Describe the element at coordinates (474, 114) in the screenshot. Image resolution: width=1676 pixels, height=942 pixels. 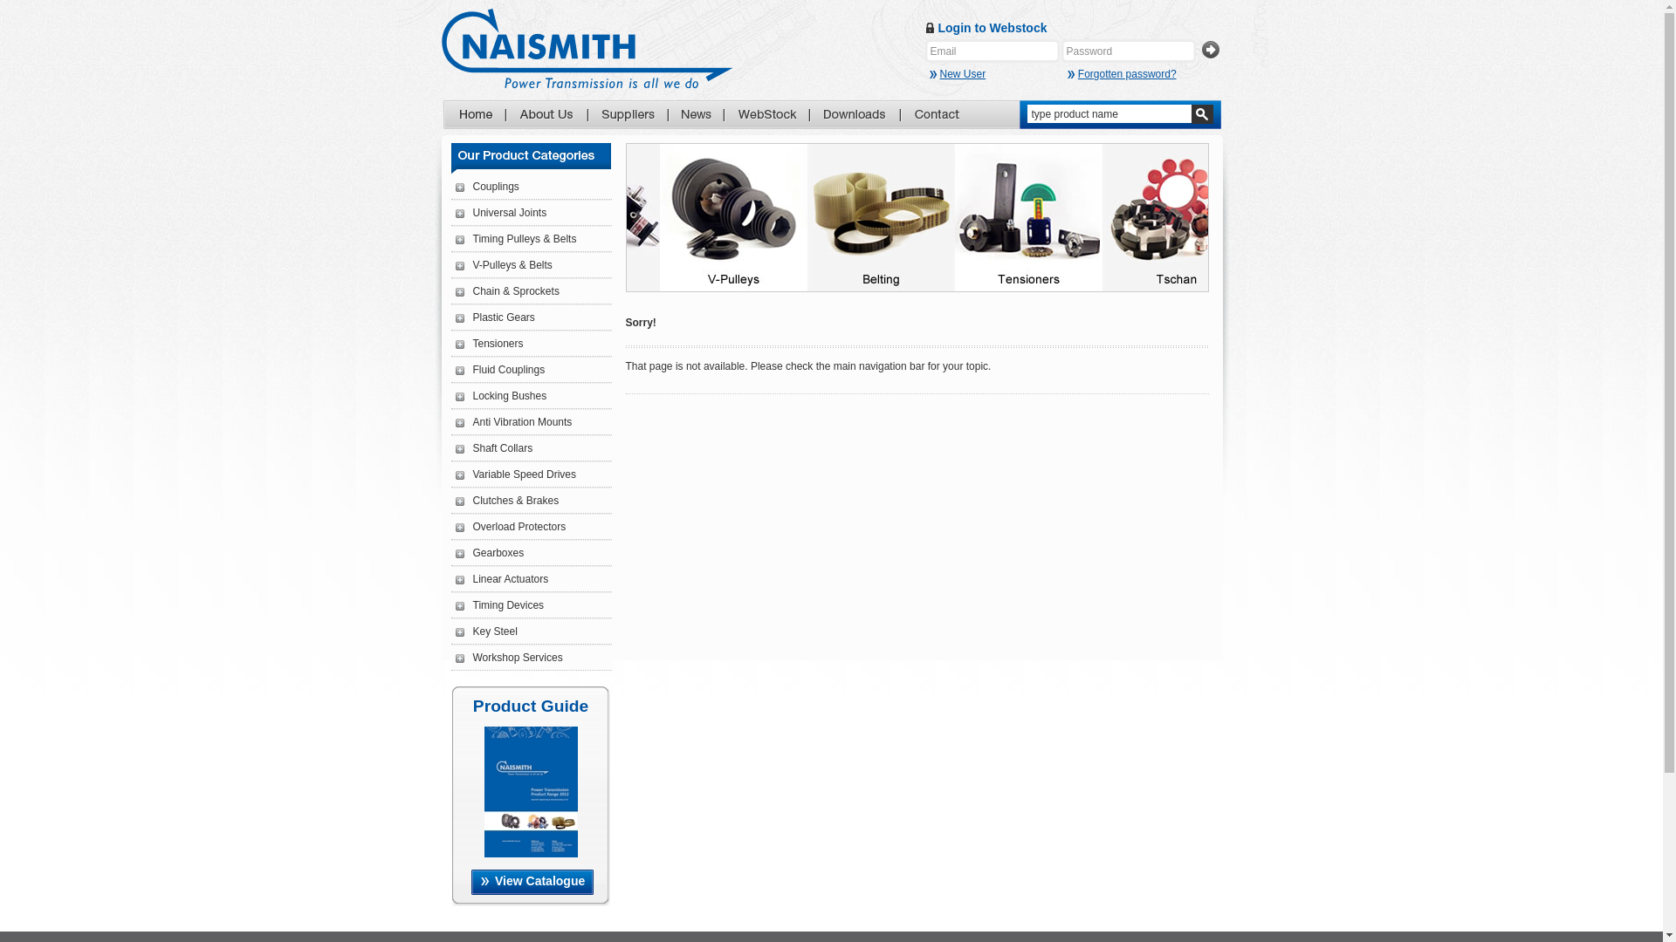
I see `'Home'` at that location.